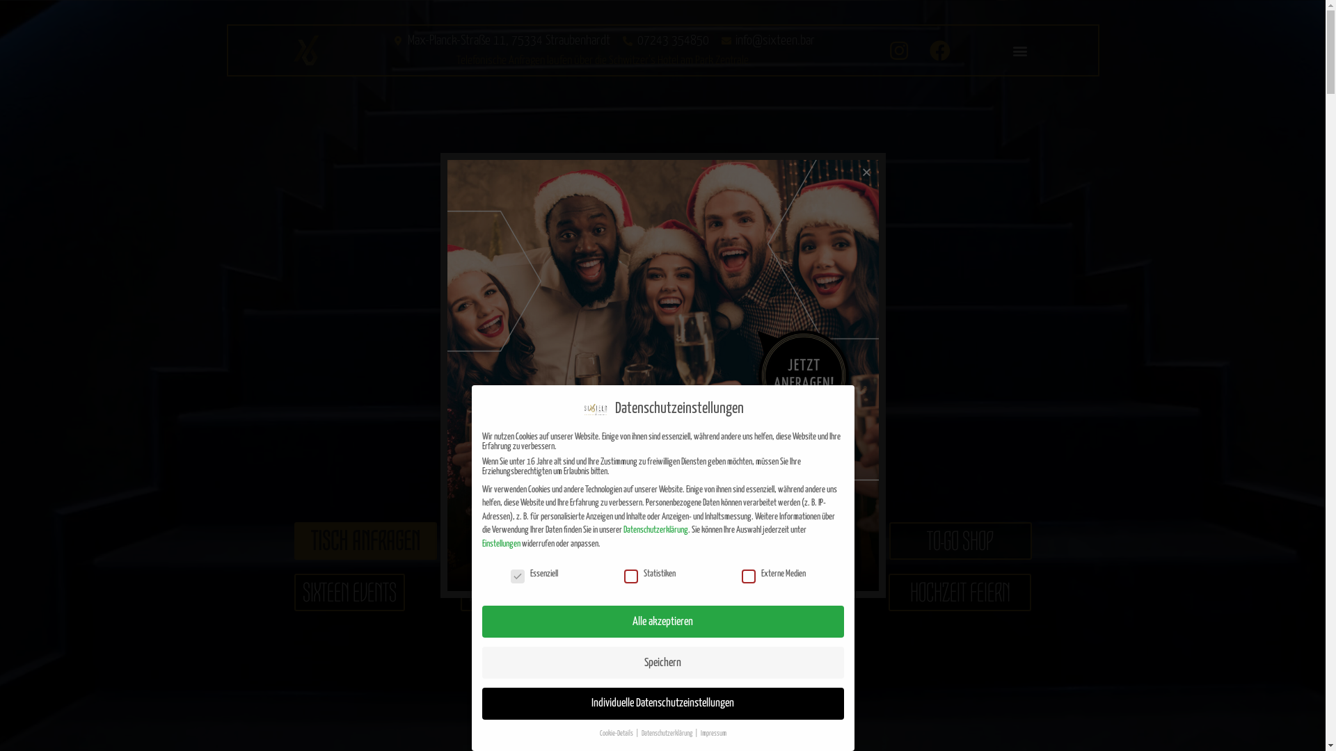  What do you see at coordinates (960, 540) in the screenshot?
I see `'TO-GO SHOP'` at bounding box center [960, 540].